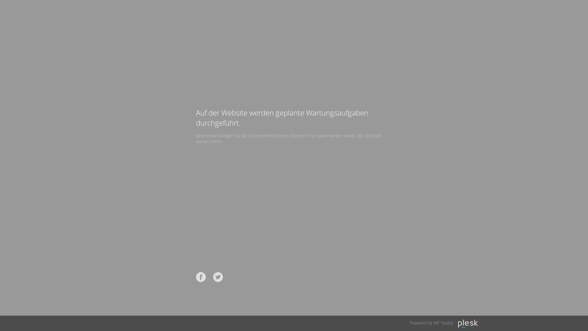 The width and height of the screenshot is (588, 331). What do you see at coordinates (201, 277) in the screenshot?
I see `'Facebook'` at bounding box center [201, 277].